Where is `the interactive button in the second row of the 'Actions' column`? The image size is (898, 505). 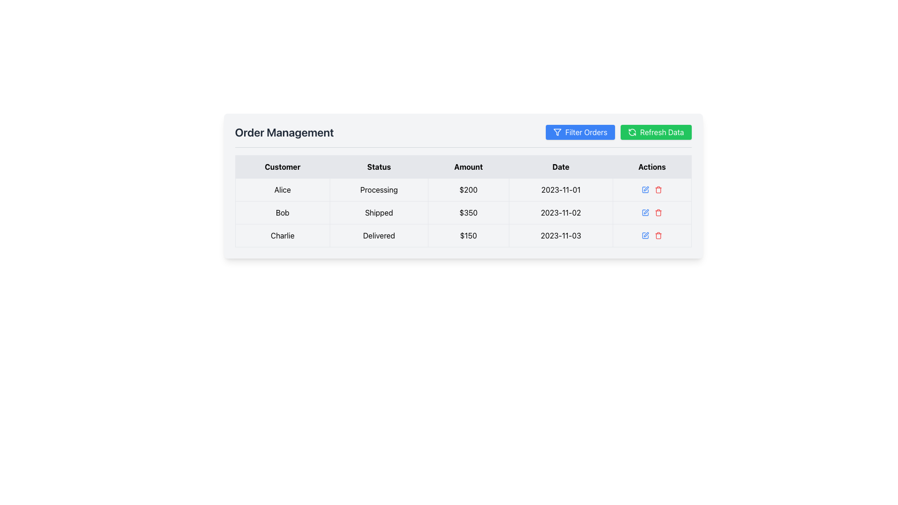 the interactive button in the second row of the 'Actions' column is located at coordinates (652, 213).